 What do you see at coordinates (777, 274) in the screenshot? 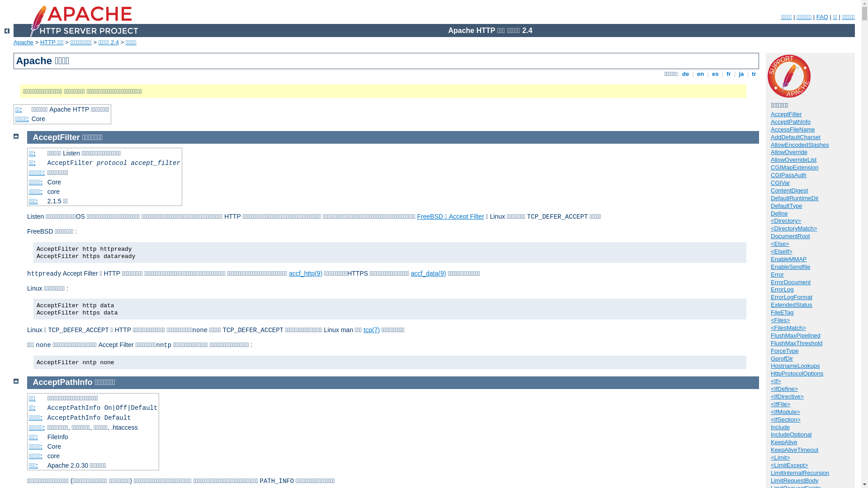
I see `'Error'` at bounding box center [777, 274].